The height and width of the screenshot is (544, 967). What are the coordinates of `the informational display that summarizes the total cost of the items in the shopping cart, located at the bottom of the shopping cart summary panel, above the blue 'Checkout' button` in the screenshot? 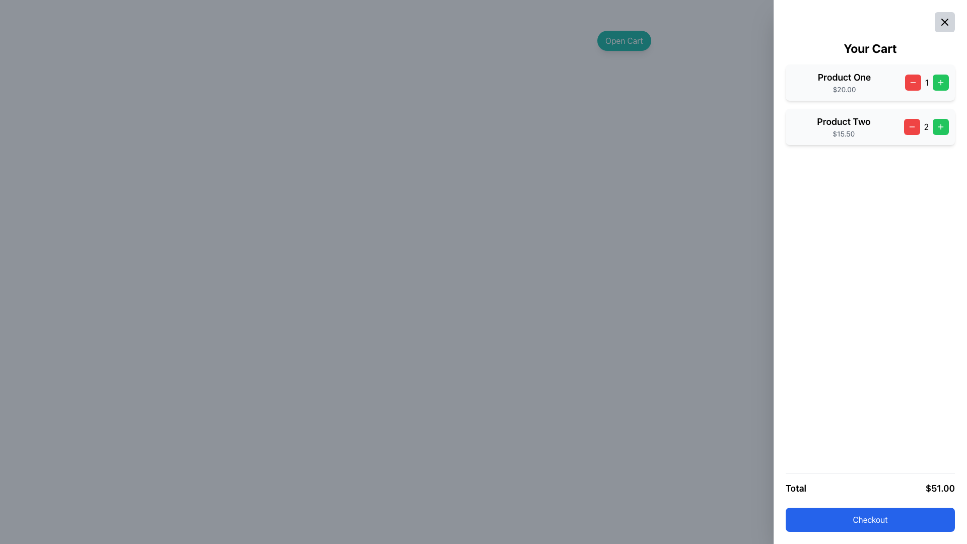 It's located at (870, 488).